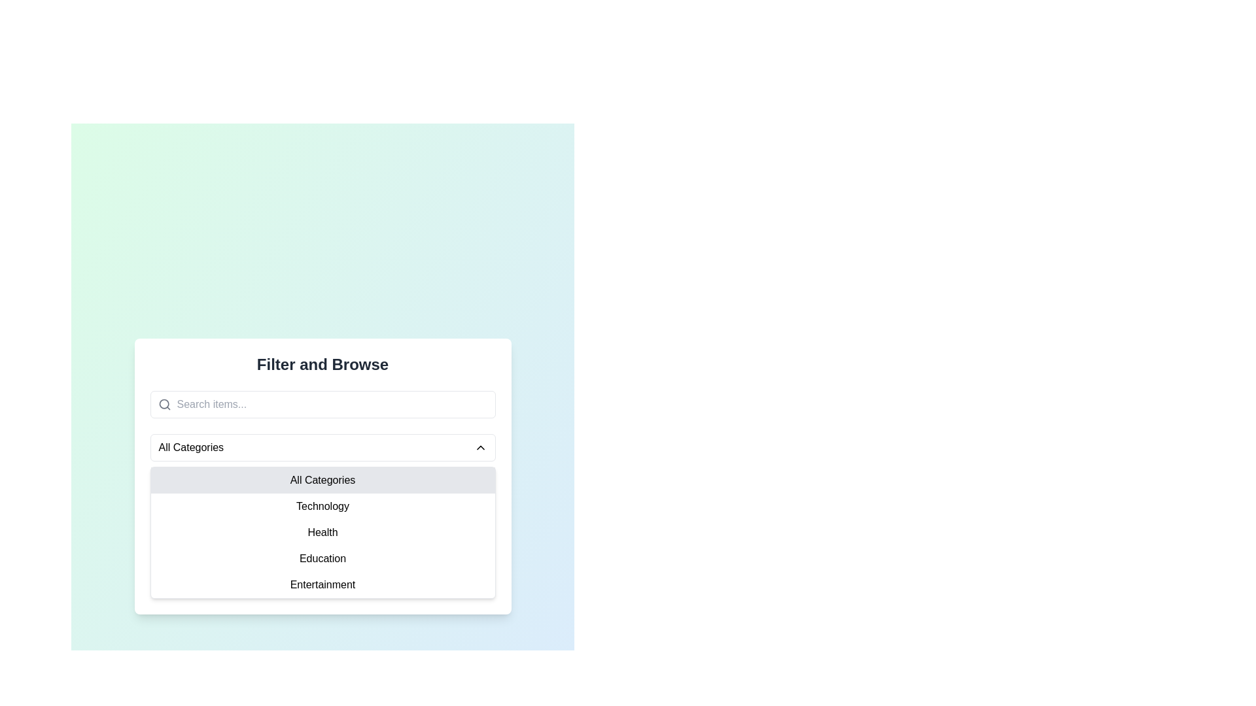 This screenshot has height=706, width=1256. What do you see at coordinates (323, 516) in the screenshot?
I see `the 'Technology' category option in the dropdown menu` at bounding box center [323, 516].